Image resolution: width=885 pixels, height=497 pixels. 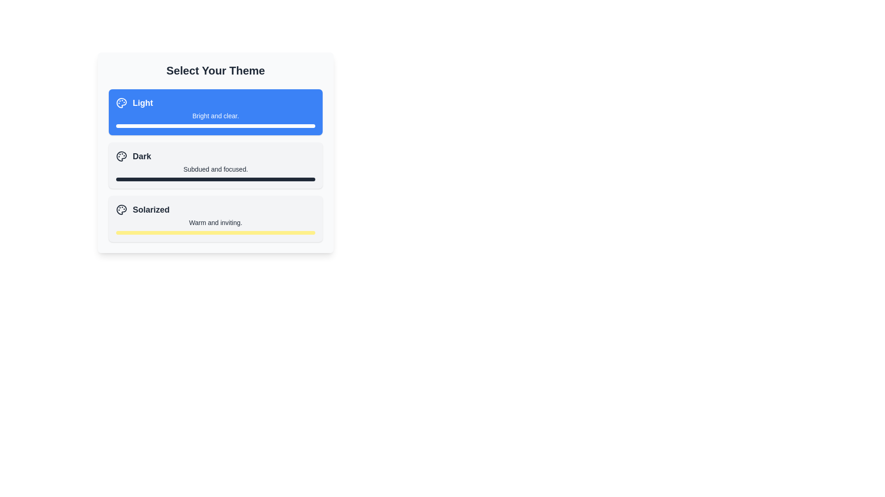 I want to click on the decorative divider located at the bottom of the 'Solarized' theme card, right below the descriptive text 'Warm and inviting.', so click(x=215, y=232).